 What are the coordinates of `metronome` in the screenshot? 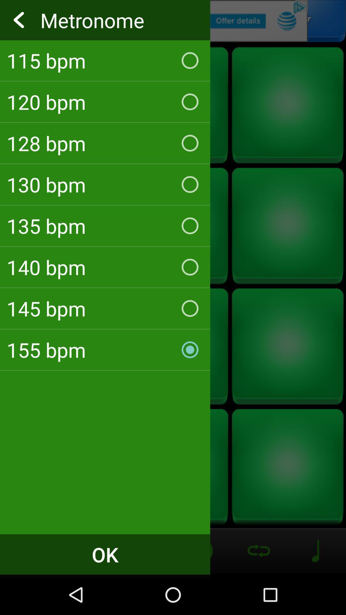 It's located at (173, 21).